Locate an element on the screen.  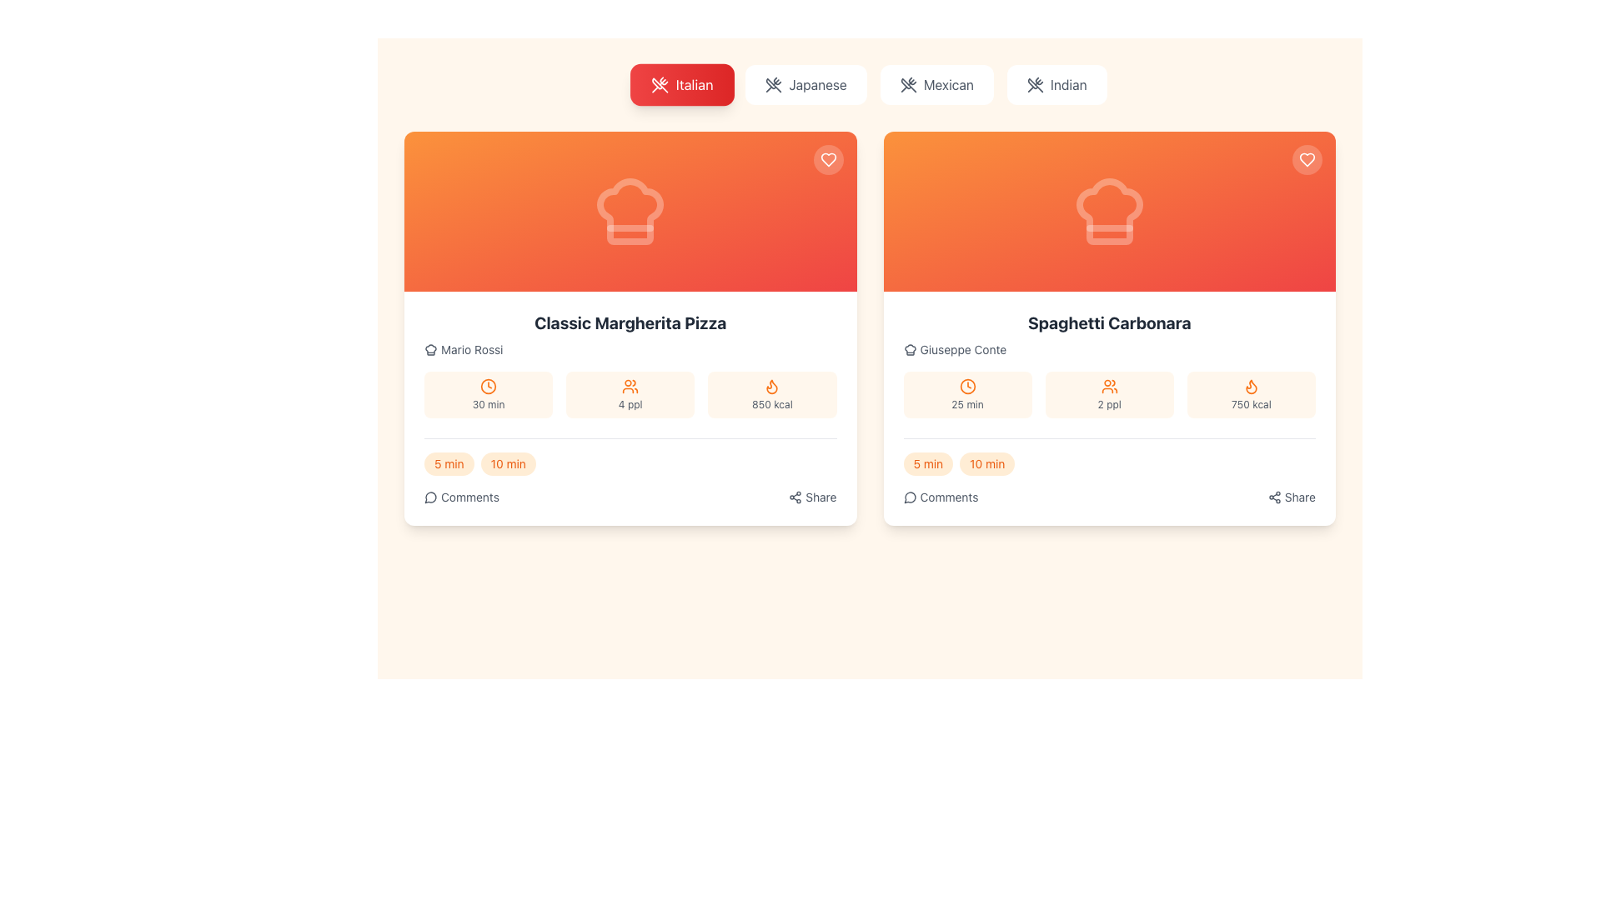
the static textual label displaying the calorie value for the dish 'Spaghetti Carbonara', located at the bottom right section of the card, below the flame icon is located at coordinates (1251, 405).